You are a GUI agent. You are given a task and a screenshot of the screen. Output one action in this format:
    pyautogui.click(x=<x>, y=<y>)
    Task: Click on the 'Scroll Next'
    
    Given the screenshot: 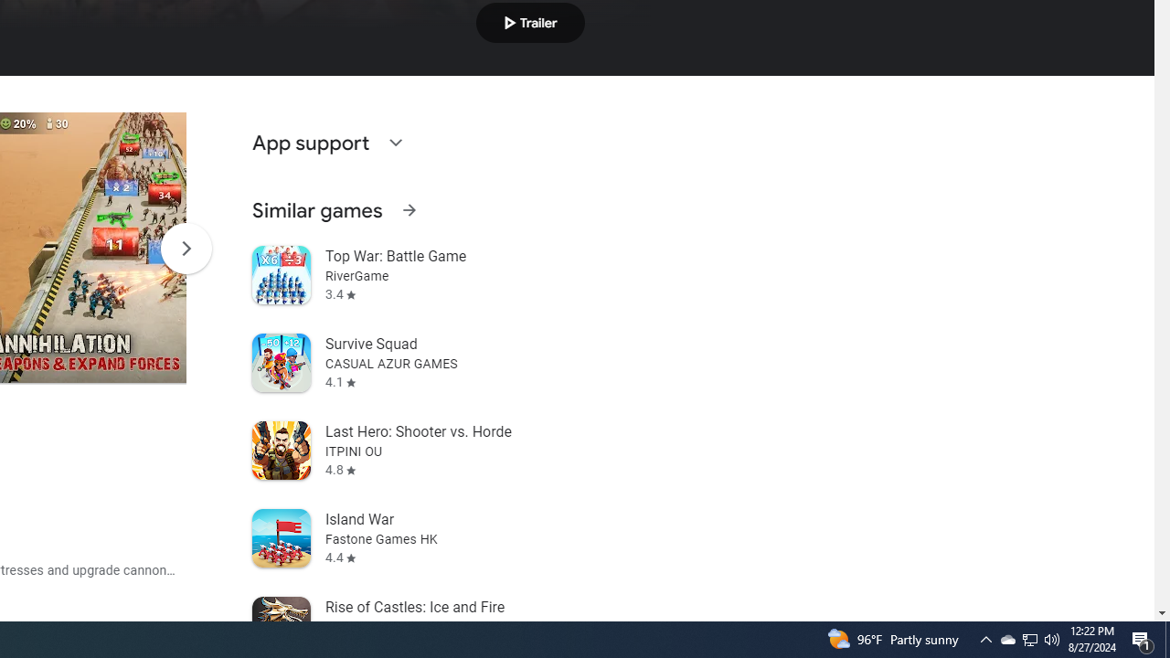 What is the action you would take?
    pyautogui.click(x=186, y=249)
    